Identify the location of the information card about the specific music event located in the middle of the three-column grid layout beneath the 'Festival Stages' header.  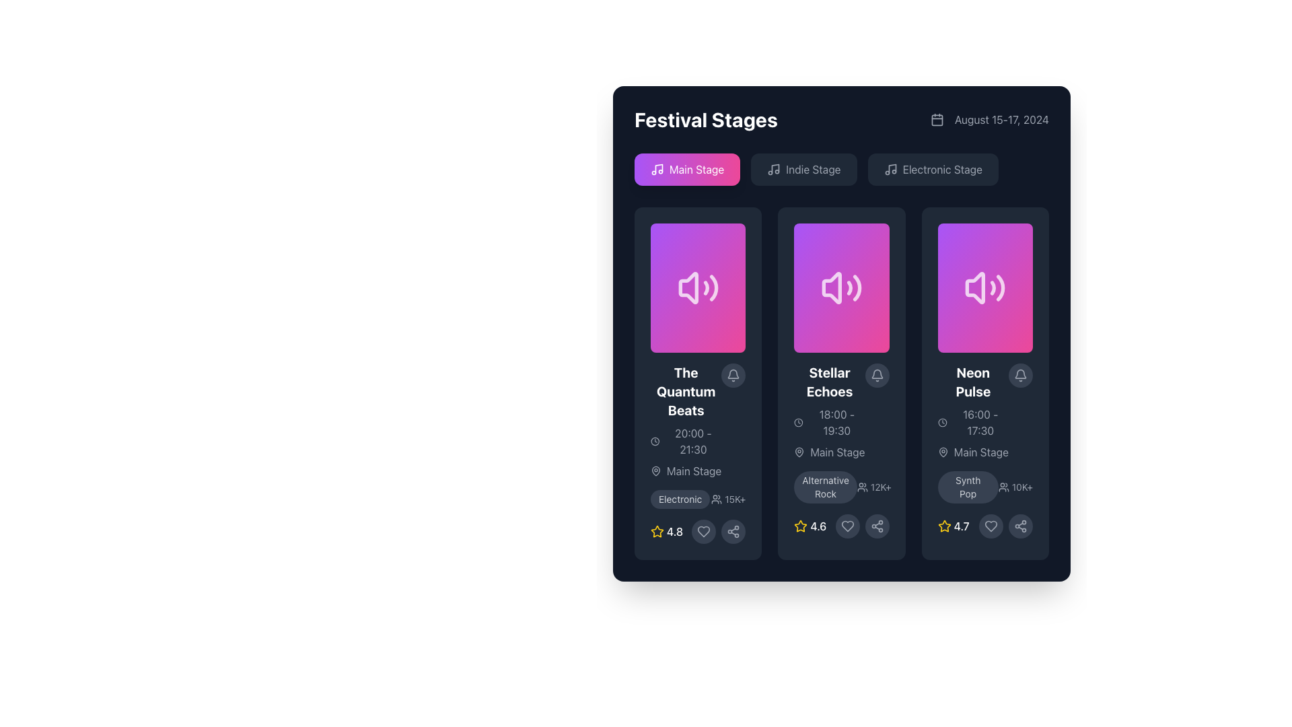
(841, 384).